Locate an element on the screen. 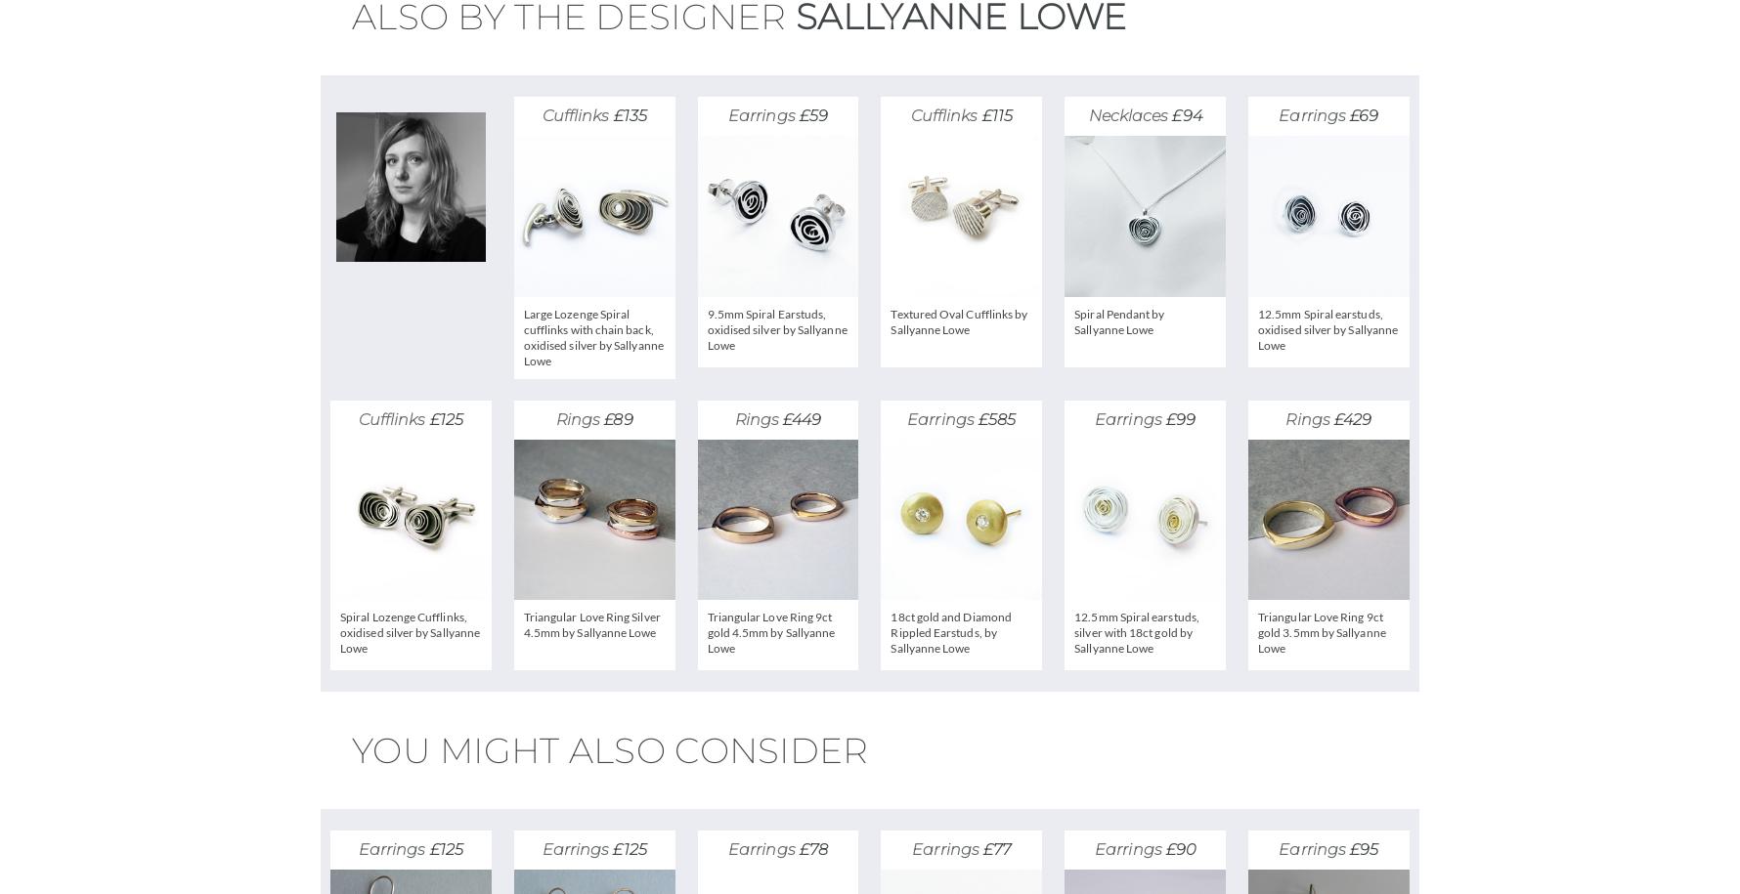 This screenshot has width=1740, height=894. 'Textured Oval Cufflinks by' is located at coordinates (957, 313).